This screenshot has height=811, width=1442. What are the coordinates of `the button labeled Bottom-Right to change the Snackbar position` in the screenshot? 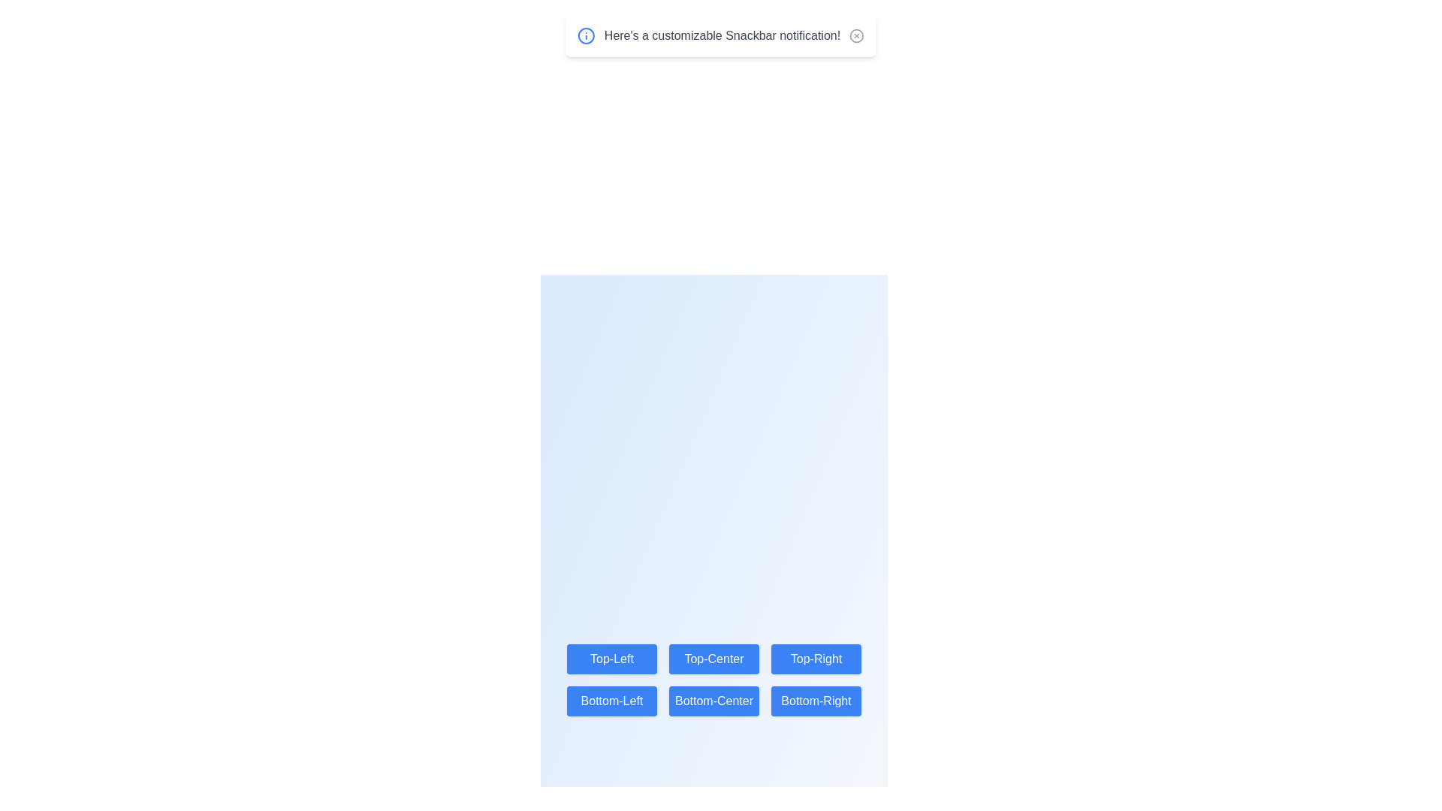 It's located at (816, 701).